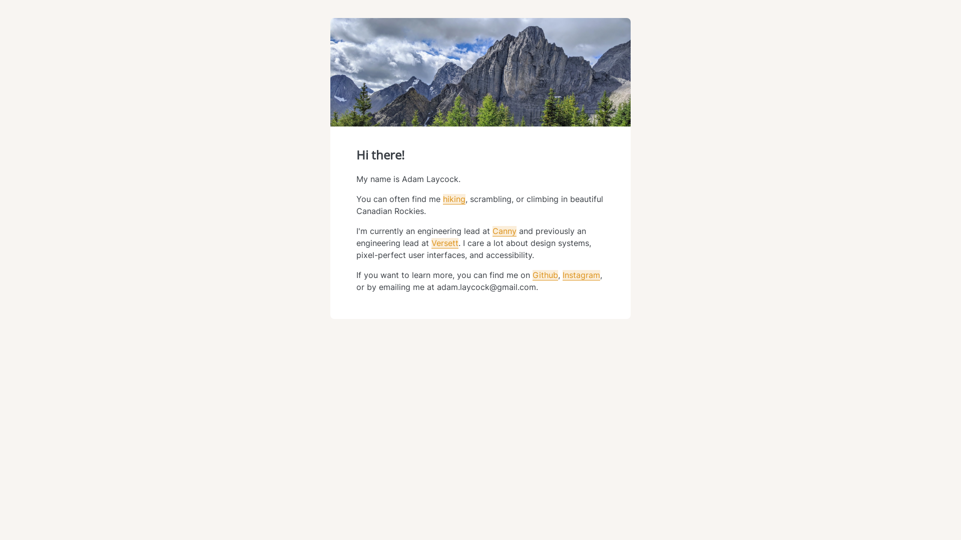 The width and height of the screenshot is (961, 540). I want to click on 'Canny', so click(505, 231).